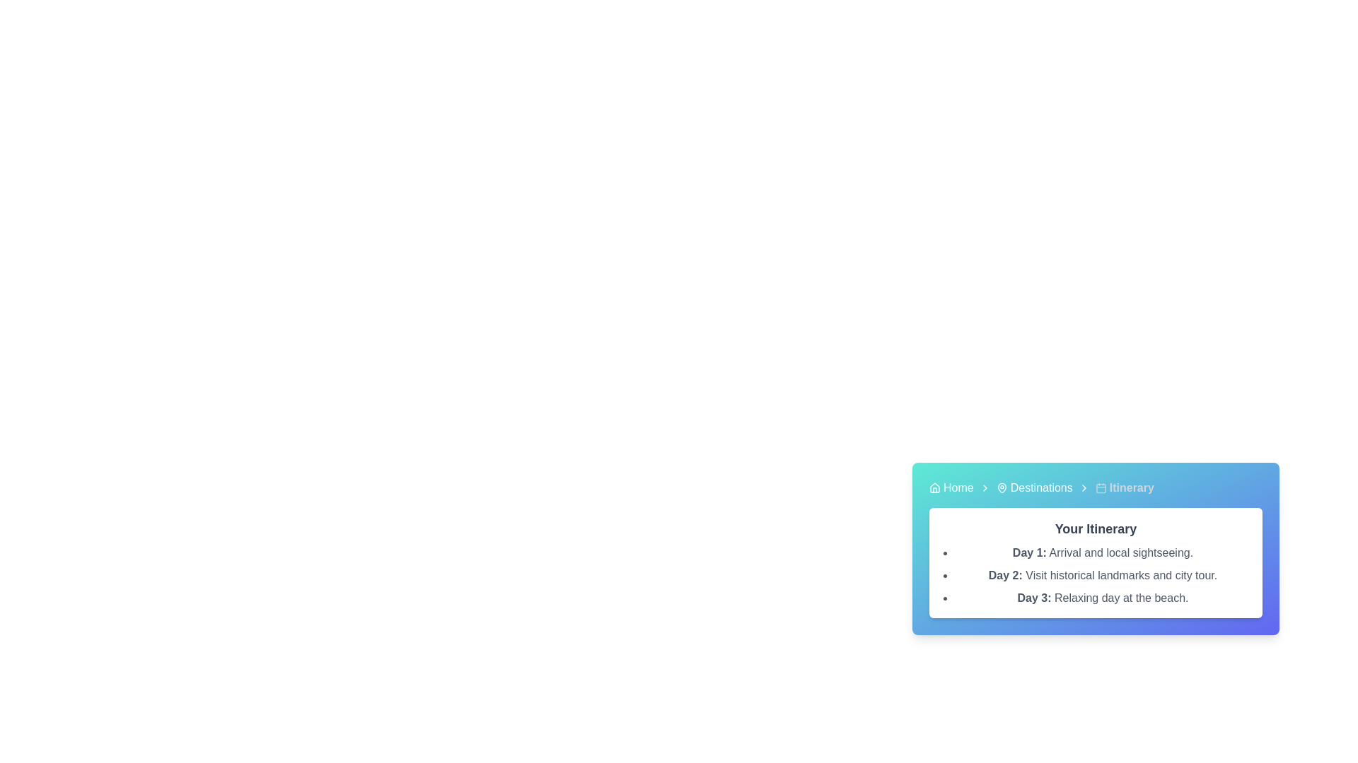  What do you see at coordinates (1041, 487) in the screenshot?
I see `the second link` at bounding box center [1041, 487].